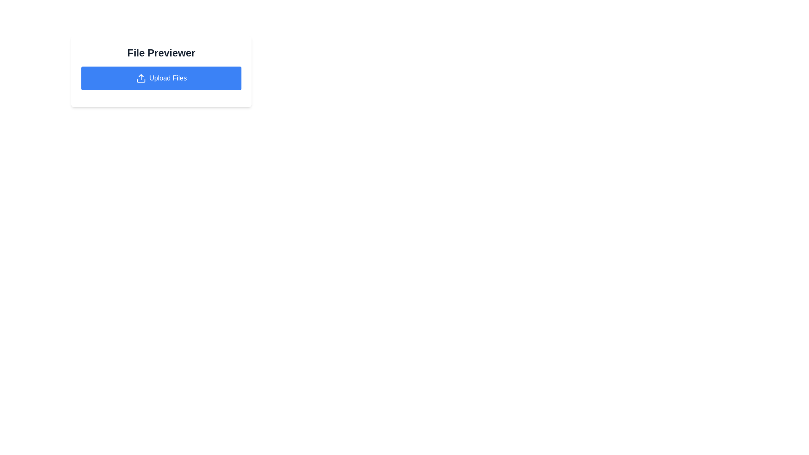 The height and width of the screenshot is (455, 809). I want to click on the large, bold, and centered text element displaying 'File Previewer' in dark gray color, which is positioned above the 'Upload Files' button, so click(161, 53).